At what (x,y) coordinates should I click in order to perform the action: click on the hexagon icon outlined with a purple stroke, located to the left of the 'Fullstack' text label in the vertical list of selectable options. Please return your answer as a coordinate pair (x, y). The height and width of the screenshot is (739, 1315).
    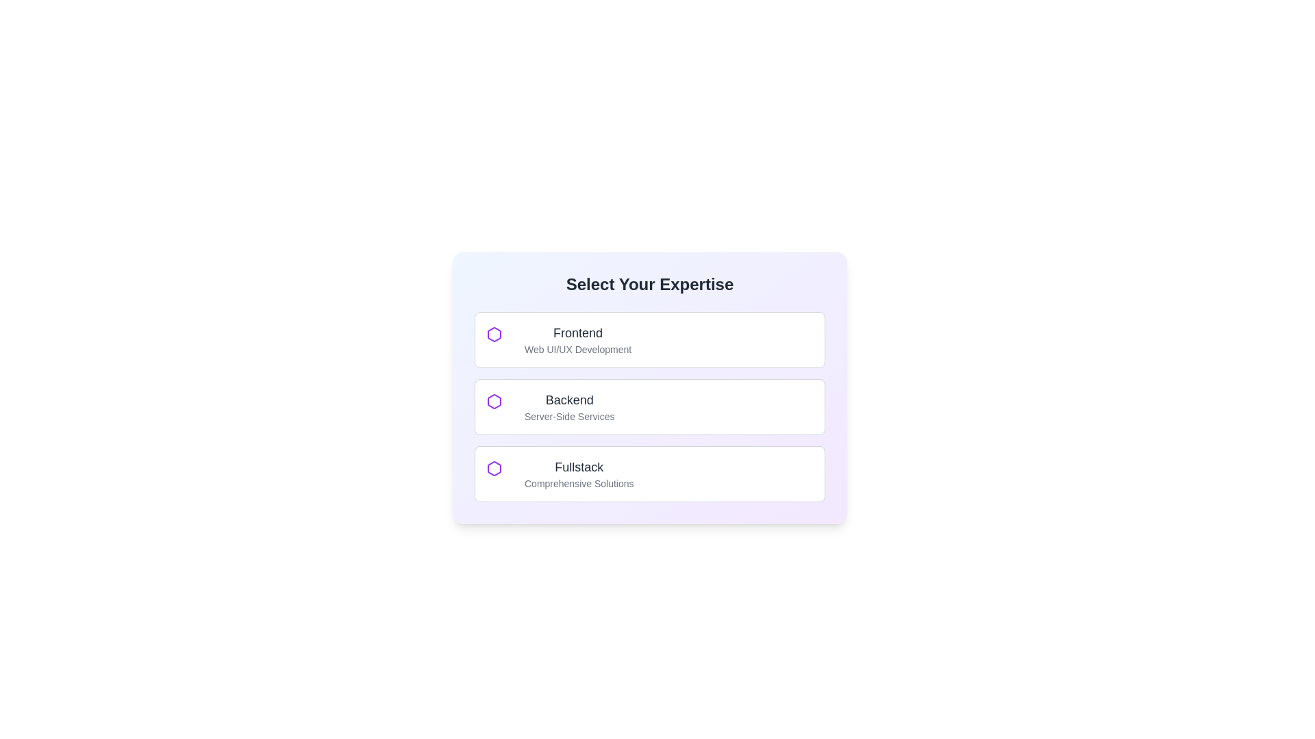
    Looking at the image, I should click on (493, 468).